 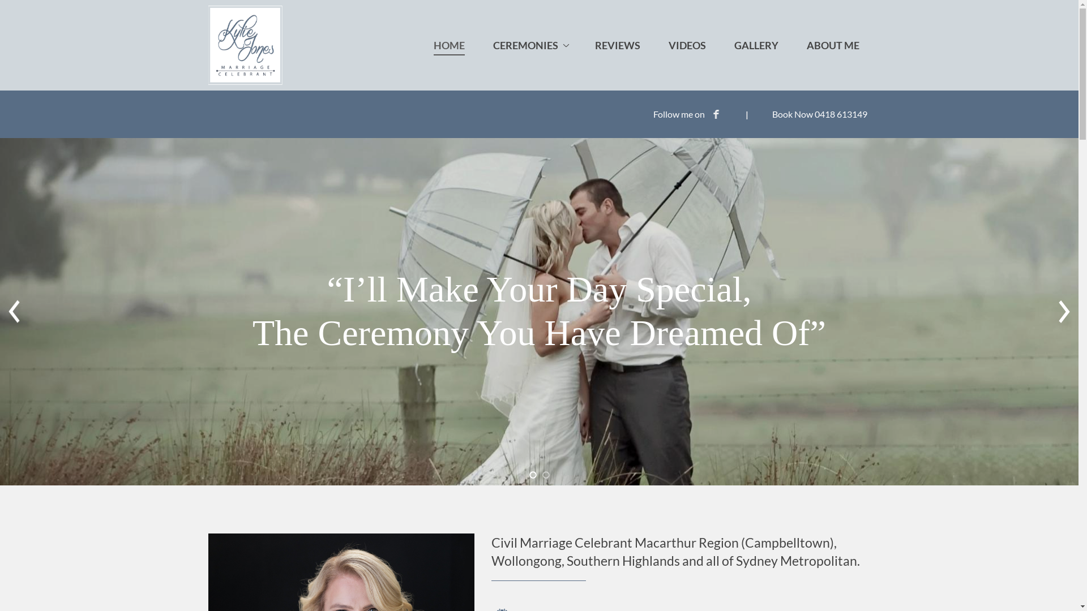 What do you see at coordinates (742, 114) in the screenshot?
I see `'|'` at bounding box center [742, 114].